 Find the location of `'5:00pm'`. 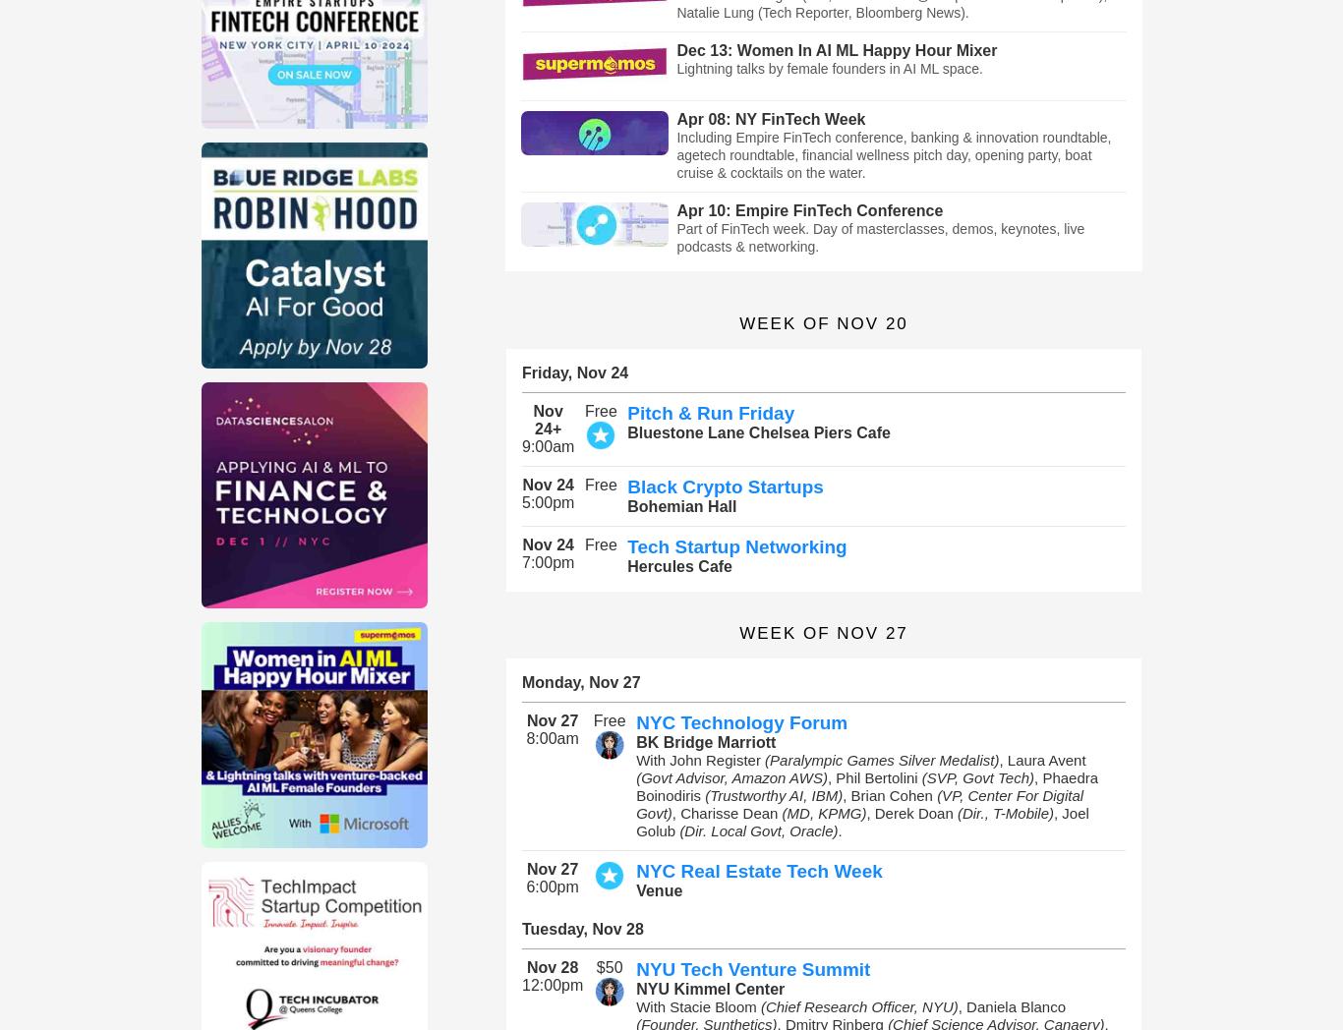

'5:00pm' is located at coordinates (548, 502).